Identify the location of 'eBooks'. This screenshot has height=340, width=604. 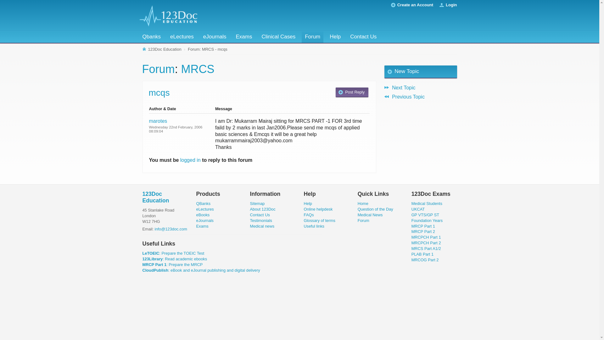
(203, 214).